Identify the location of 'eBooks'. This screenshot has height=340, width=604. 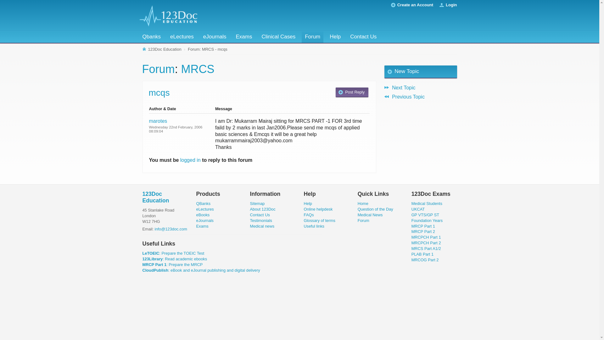
(203, 214).